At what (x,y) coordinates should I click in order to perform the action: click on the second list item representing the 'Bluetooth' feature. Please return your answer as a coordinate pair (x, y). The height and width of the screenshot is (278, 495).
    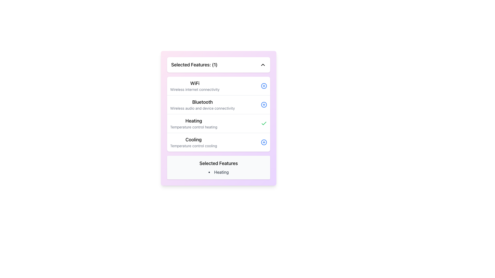
    Looking at the image, I should click on (219, 104).